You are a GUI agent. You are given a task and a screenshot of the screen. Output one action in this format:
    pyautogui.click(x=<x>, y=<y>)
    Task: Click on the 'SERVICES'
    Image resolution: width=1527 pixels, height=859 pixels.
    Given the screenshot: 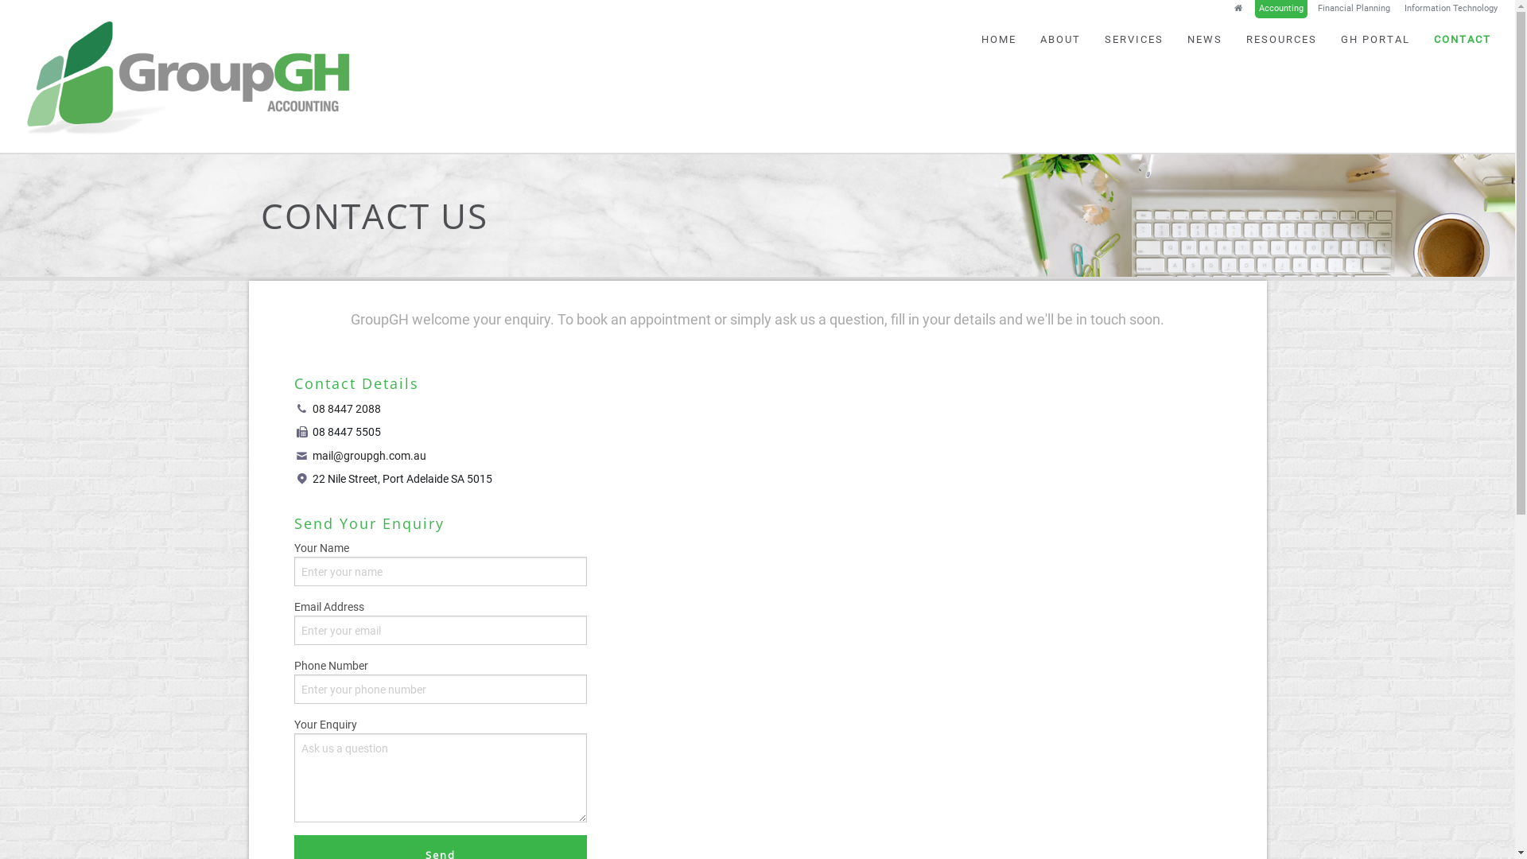 What is the action you would take?
    pyautogui.click(x=1133, y=38)
    